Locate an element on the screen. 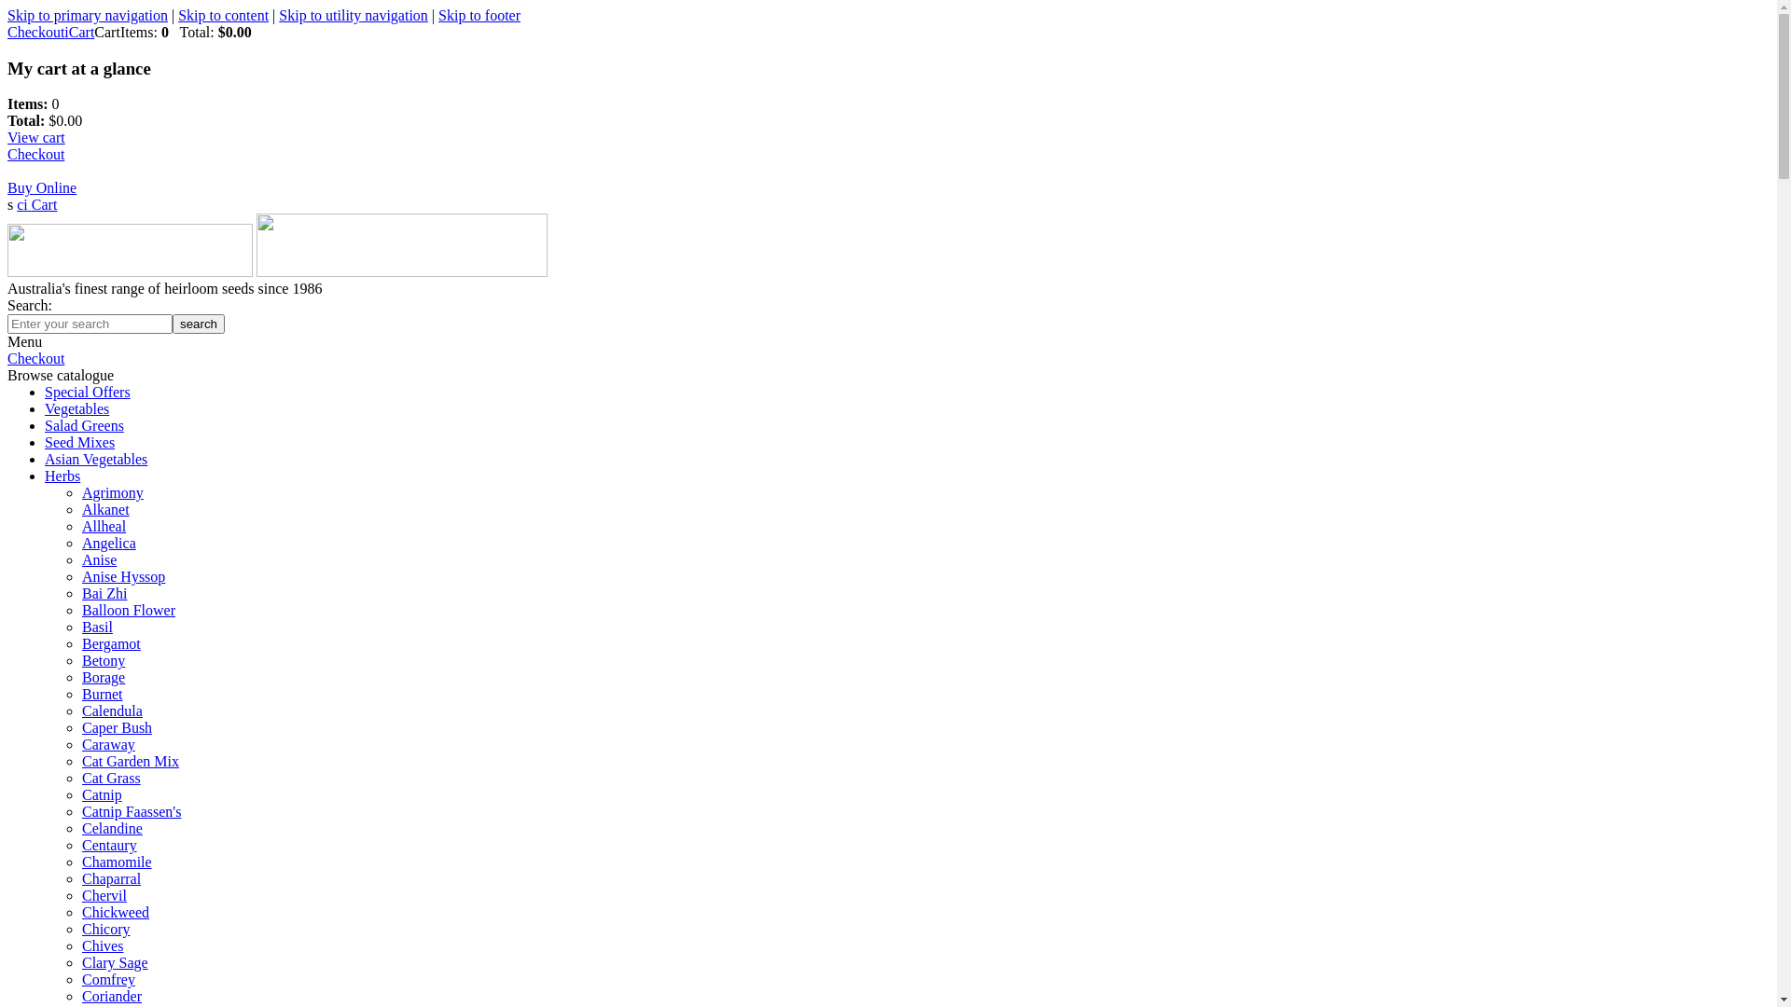  'Chaparral' is located at coordinates (110, 878).